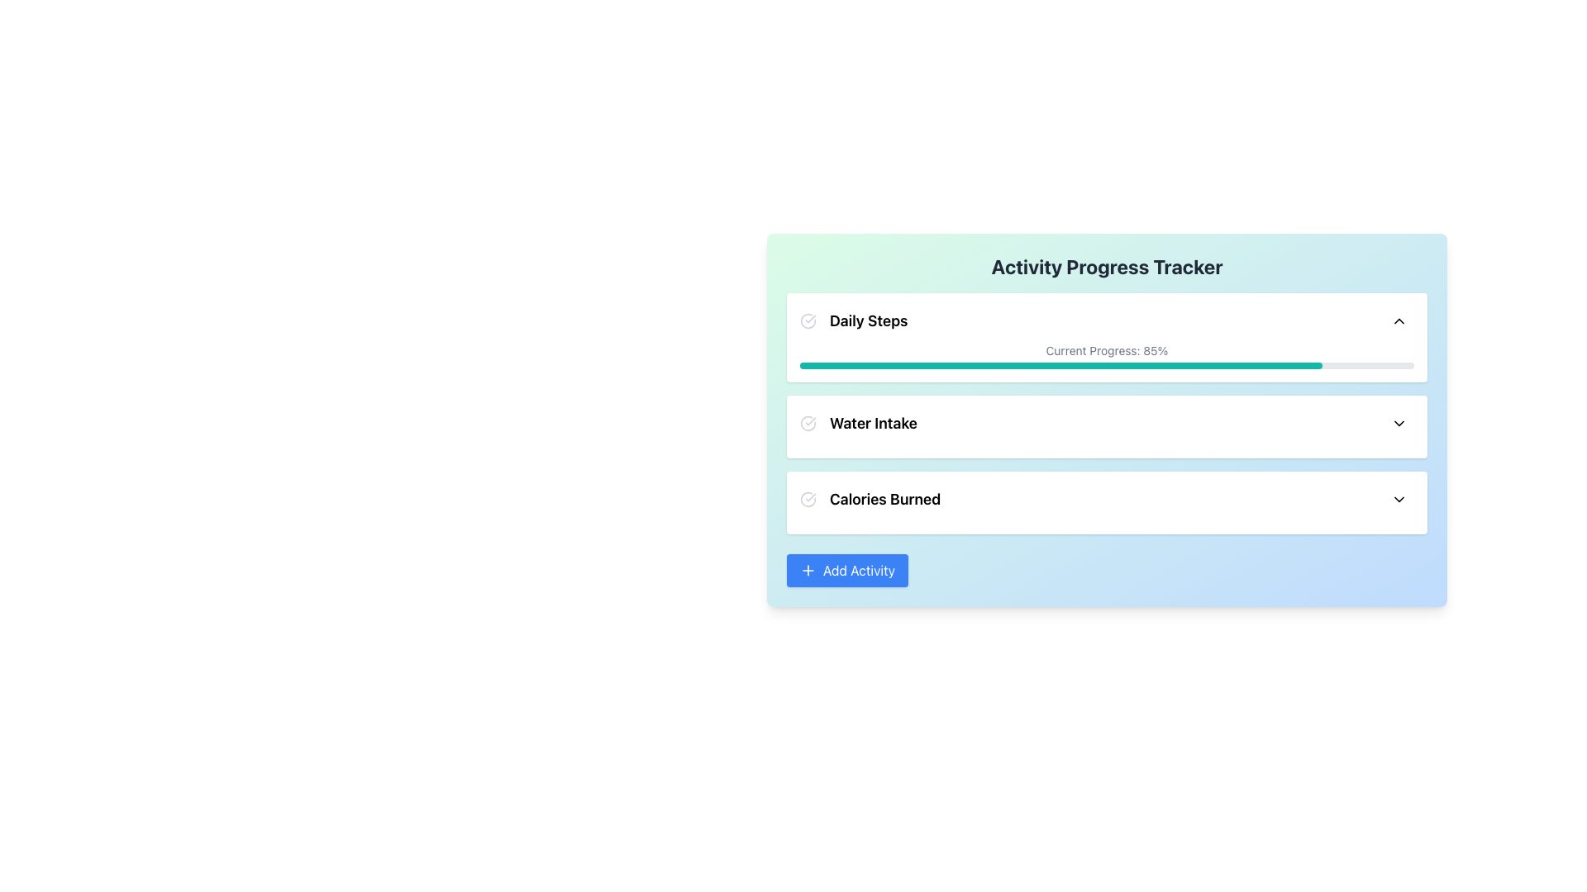 The image size is (1587, 892). I want to click on text content of the informational Text Display indicating the user's progress percentage, which is located at the upper part of the 'Daily Steps' section, above the progress bar, so click(1107, 349).